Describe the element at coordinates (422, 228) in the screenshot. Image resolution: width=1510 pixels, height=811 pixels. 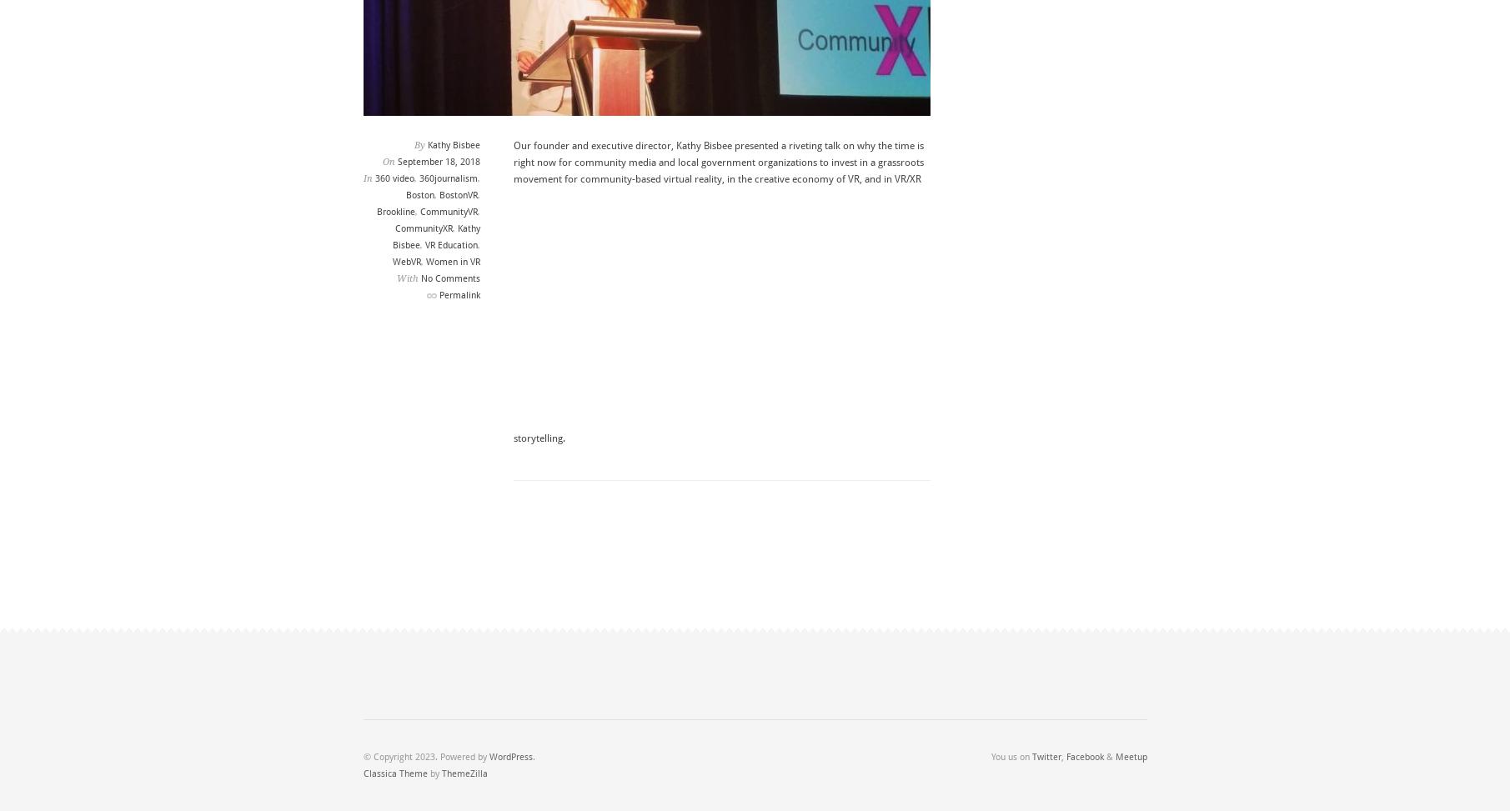
I see `'CommunityXR'` at that location.